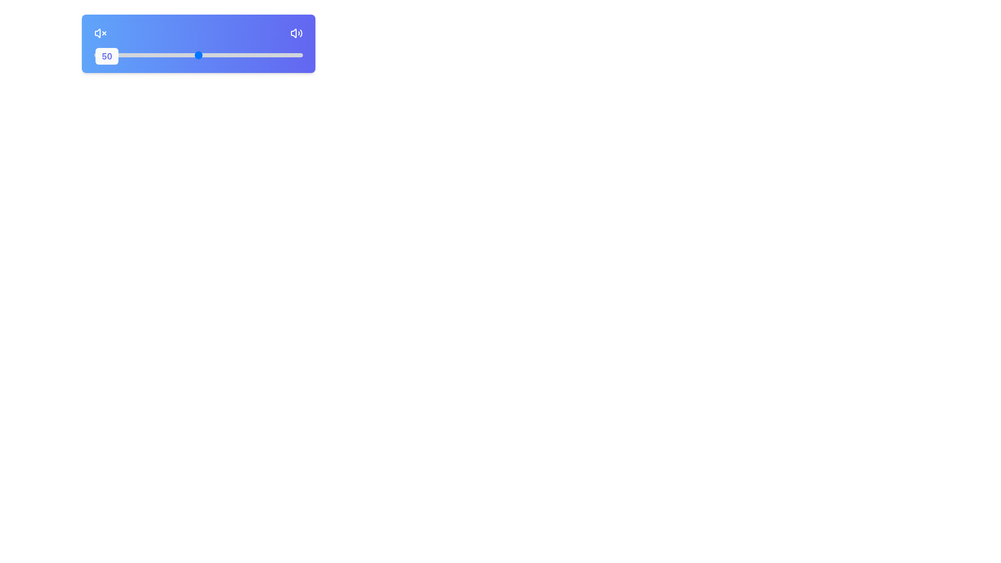 This screenshot has width=1001, height=563. What do you see at coordinates (97, 33) in the screenshot?
I see `the Mute Icon, which symbolizes the mute function in the volume control interface located on the top left of the volume control bar` at bounding box center [97, 33].